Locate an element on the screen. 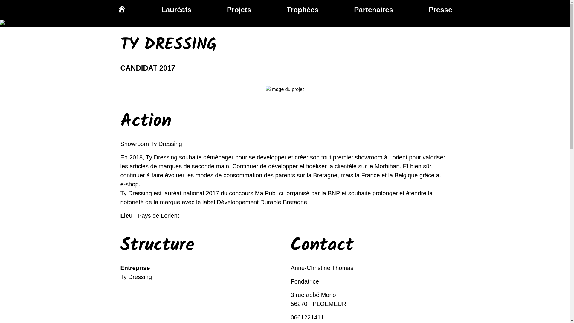 Image resolution: width=574 pixels, height=323 pixels. 'Presse' is located at coordinates (440, 10).